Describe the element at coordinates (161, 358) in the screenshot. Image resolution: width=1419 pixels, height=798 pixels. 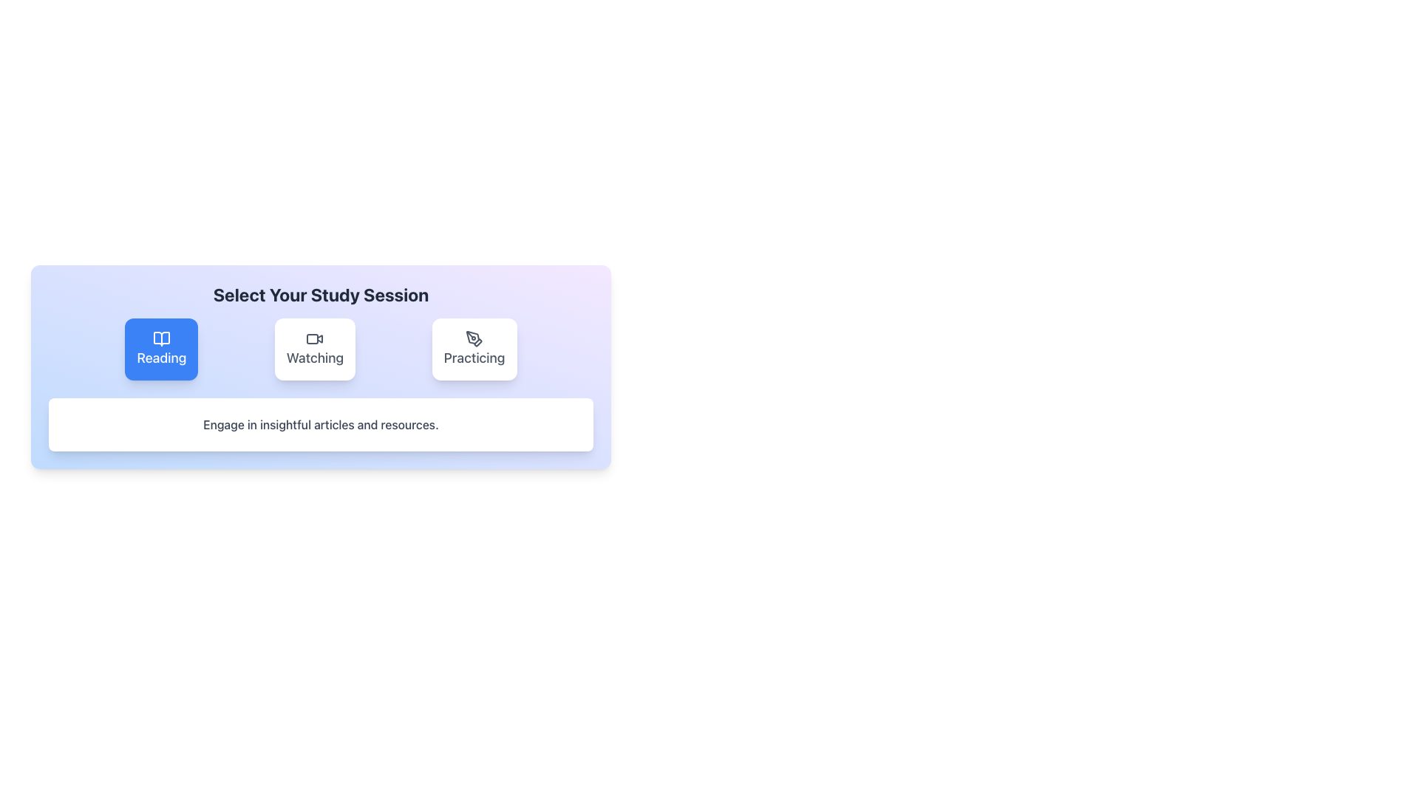
I see `the Text Label located beneath the open book icon in the first button of the 'Select Your Study Session' section` at that location.